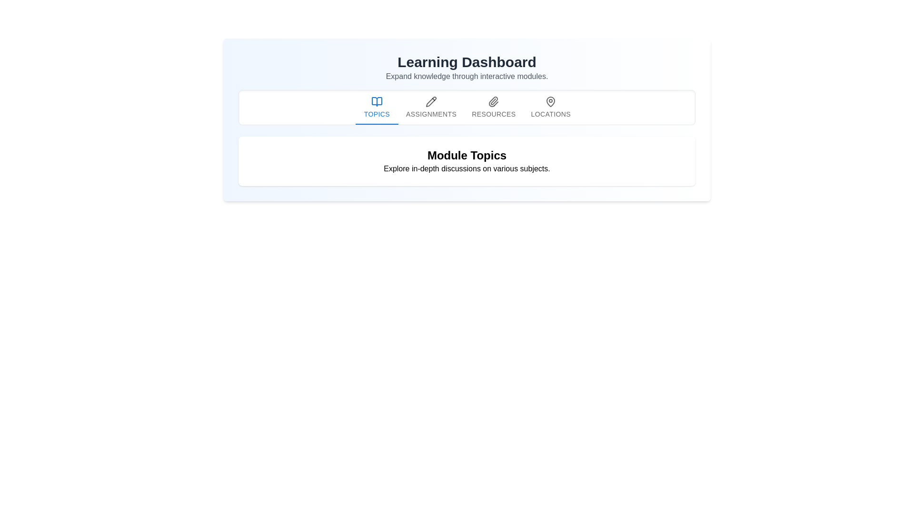  Describe the element at coordinates (551, 102) in the screenshot. I see `the 'Locations' tab in the navigation bar` at that location.